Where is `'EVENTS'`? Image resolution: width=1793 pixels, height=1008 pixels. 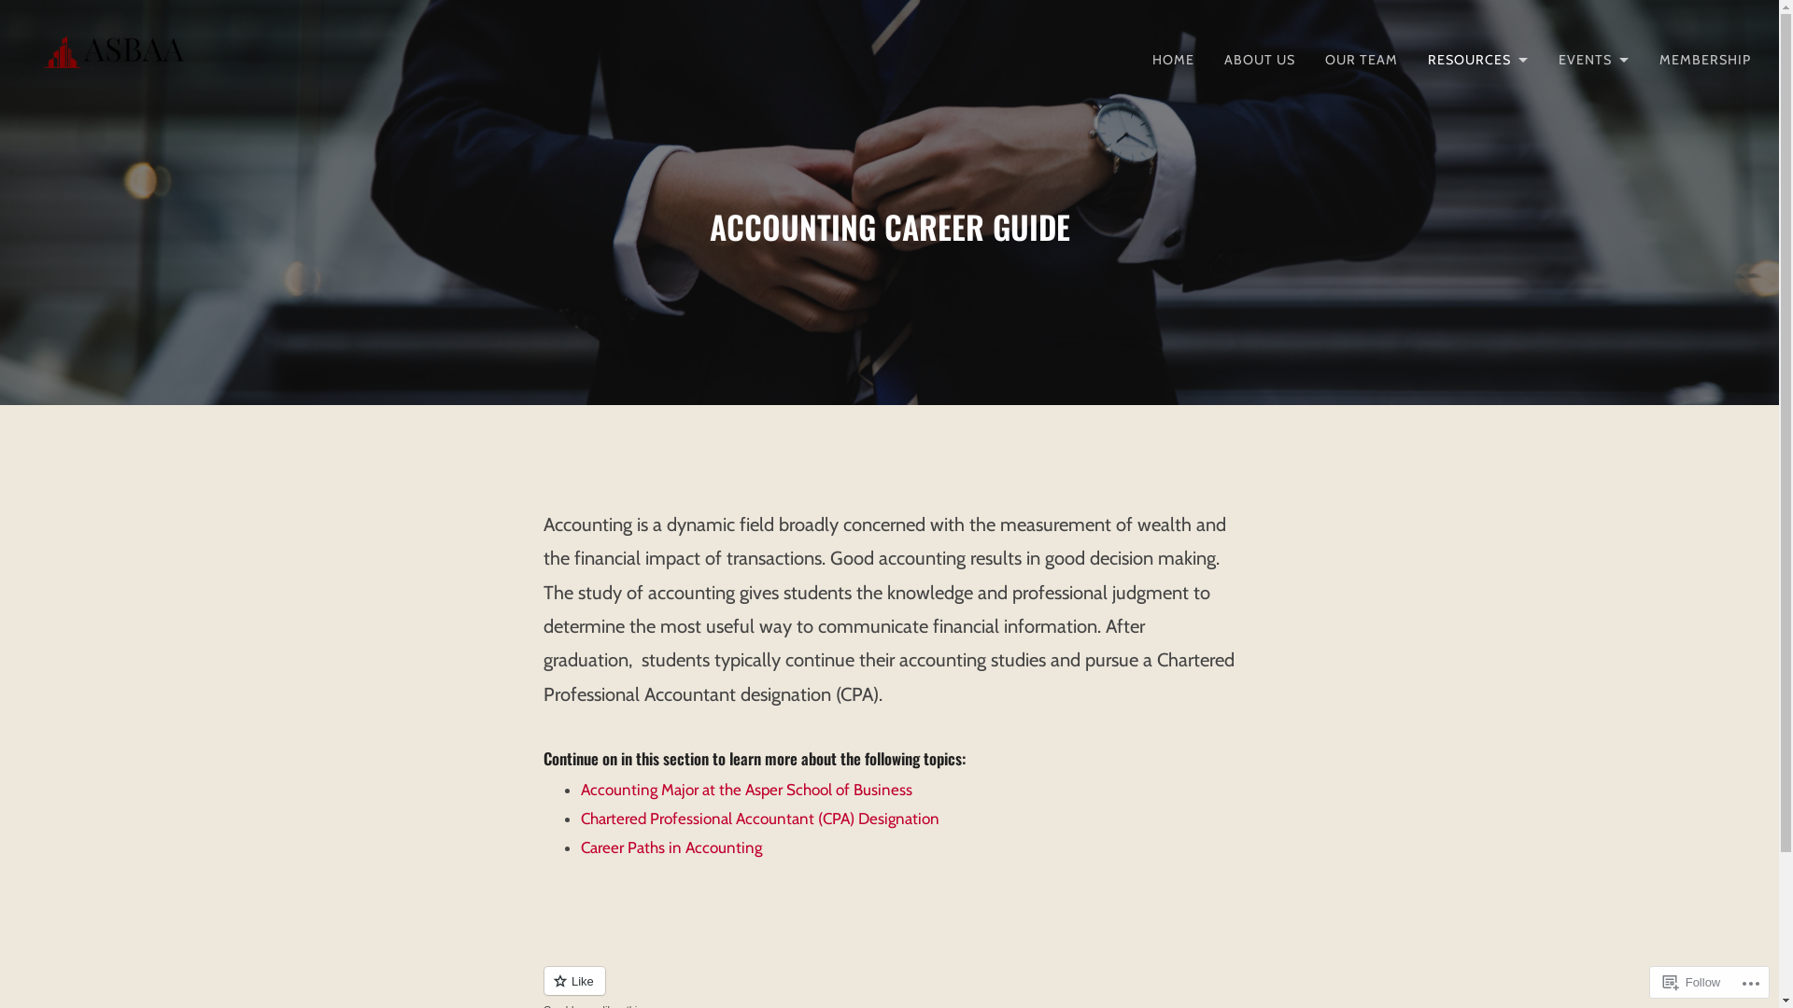
'EVENTS' is located at coordinates (1593, 59).